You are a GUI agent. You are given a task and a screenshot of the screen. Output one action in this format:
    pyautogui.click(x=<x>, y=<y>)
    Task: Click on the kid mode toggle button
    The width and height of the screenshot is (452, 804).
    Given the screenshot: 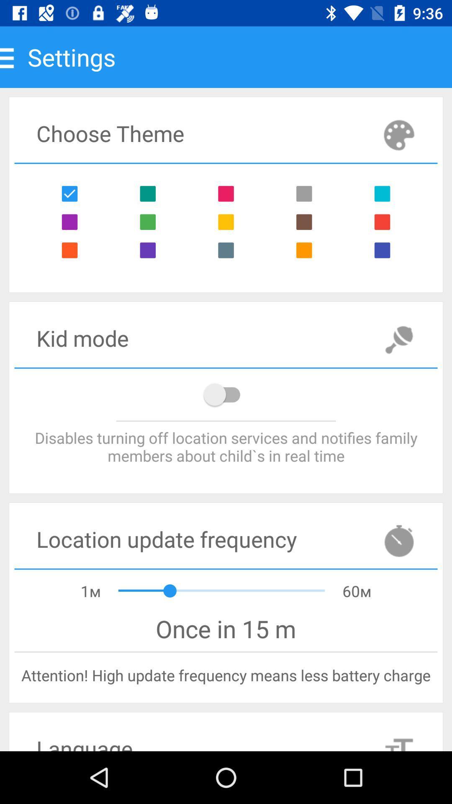 What is the action you would take?
    pyautogui.click(x=226, y=394)
    